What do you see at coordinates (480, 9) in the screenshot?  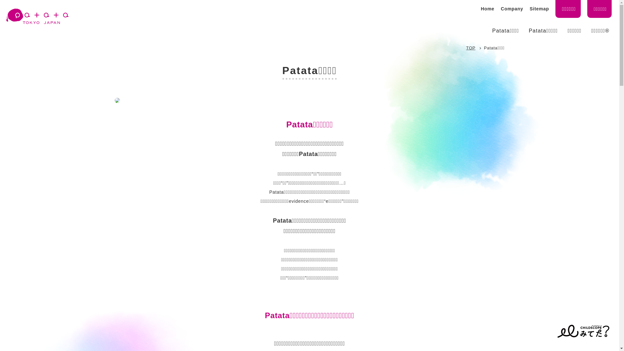 I see `'Home'` at bounding box center [480, 9].